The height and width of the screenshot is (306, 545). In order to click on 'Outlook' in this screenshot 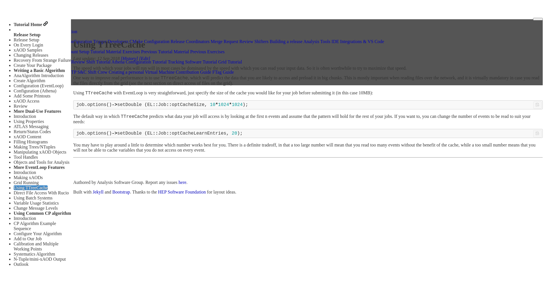, I will do `click(21, 264)`.